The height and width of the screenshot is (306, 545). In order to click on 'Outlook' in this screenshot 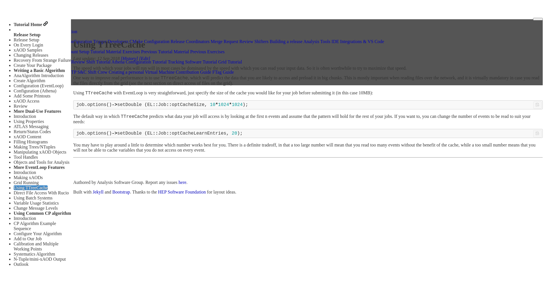, I will do `click(21, 264)`.